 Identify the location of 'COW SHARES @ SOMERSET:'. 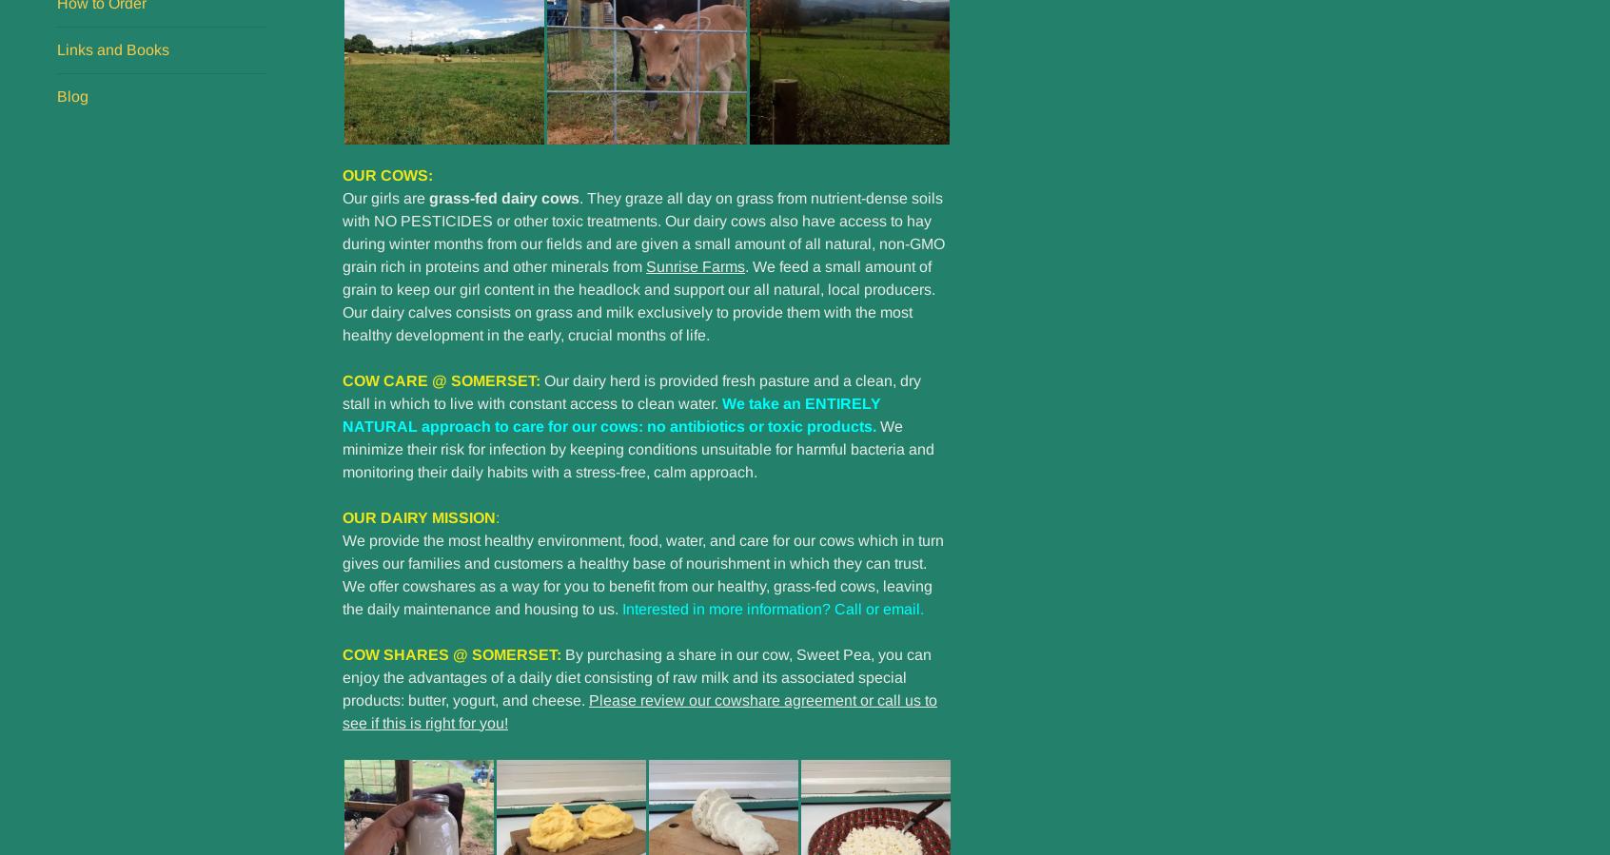
(450, 652).